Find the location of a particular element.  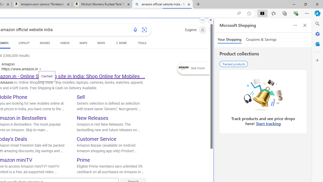

'Settings and more (Alt+F)' is located at coordinates (307, 13).